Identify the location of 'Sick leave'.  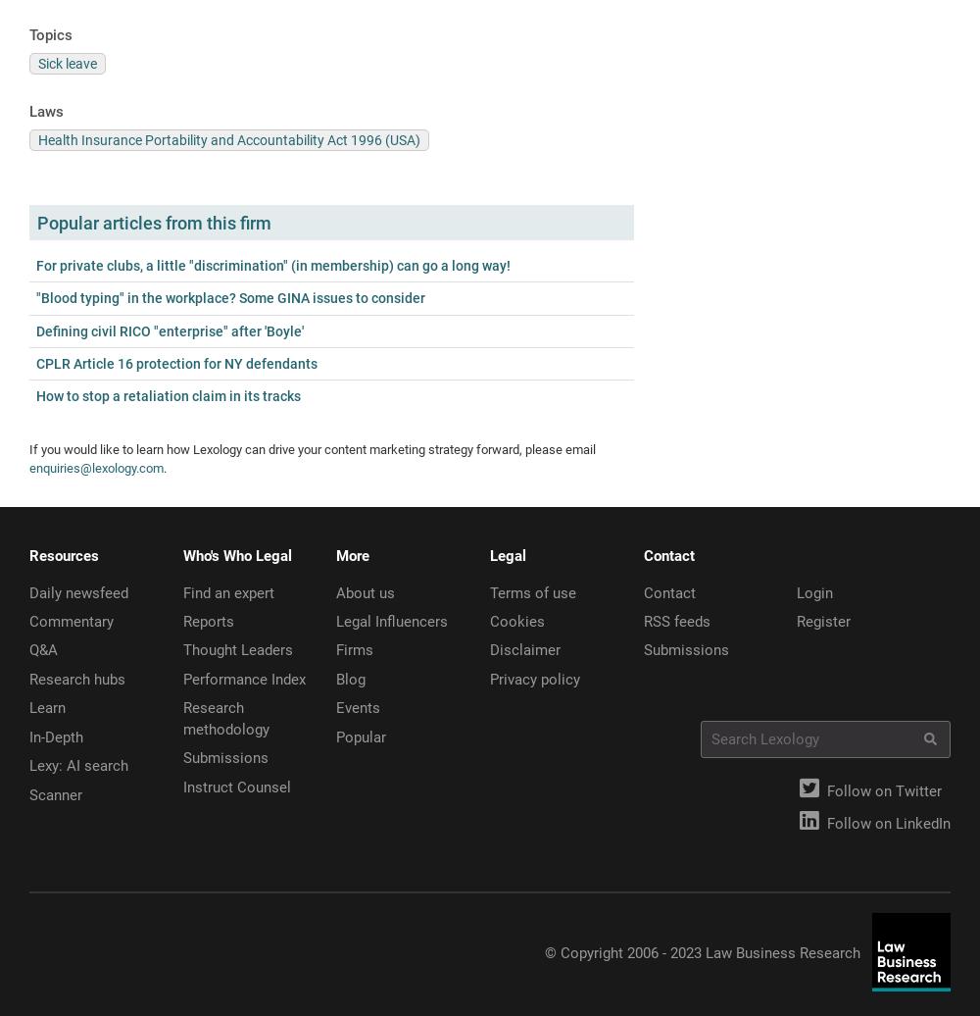
(67, 63).